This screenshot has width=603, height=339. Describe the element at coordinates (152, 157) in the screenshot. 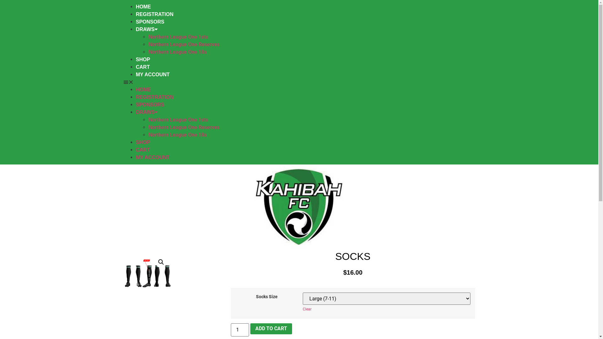

I see `'MY ACCOUNT'` at that location.